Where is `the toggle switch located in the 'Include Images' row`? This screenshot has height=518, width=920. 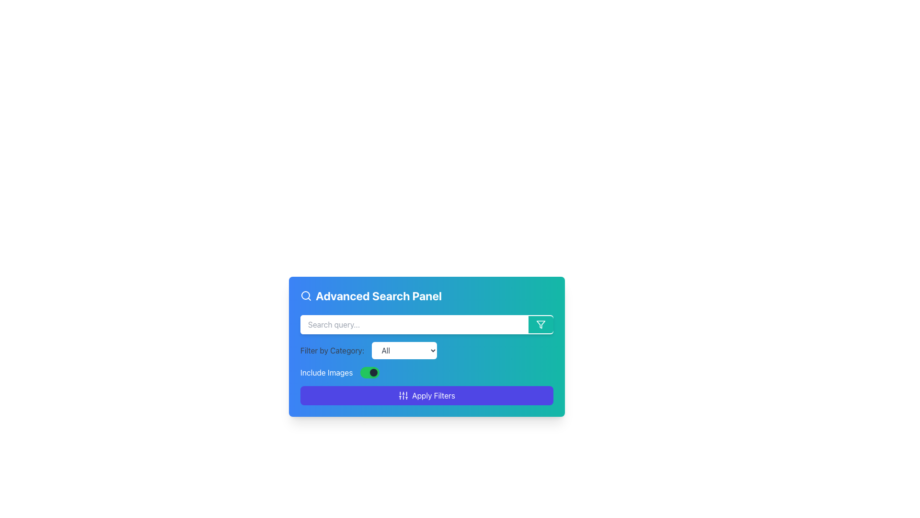 the toggle switch located in the 'Include Images' row is located at coordinates (369, 372).